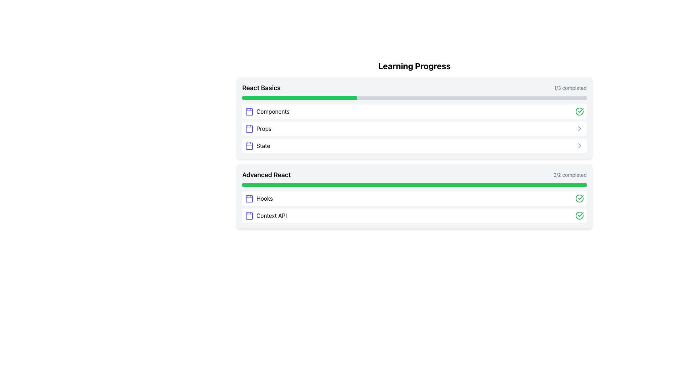  Describe the element at coordinates (263, 145) in the screenshot. I see `the 'State' label, which is the third item in the 'React Basics' section, positioned below 'Props' and above the dividing space` at that location.